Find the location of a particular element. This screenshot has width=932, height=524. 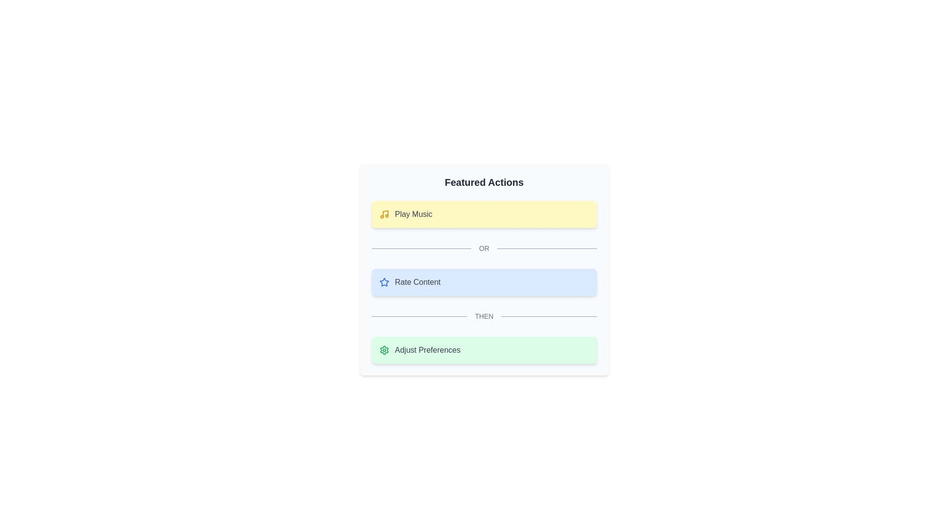

the Divider with text that visually separates the 'Play Music' button section and the 'Rate Content' section, located centrally in the layout is located at coordinates (484, 248).